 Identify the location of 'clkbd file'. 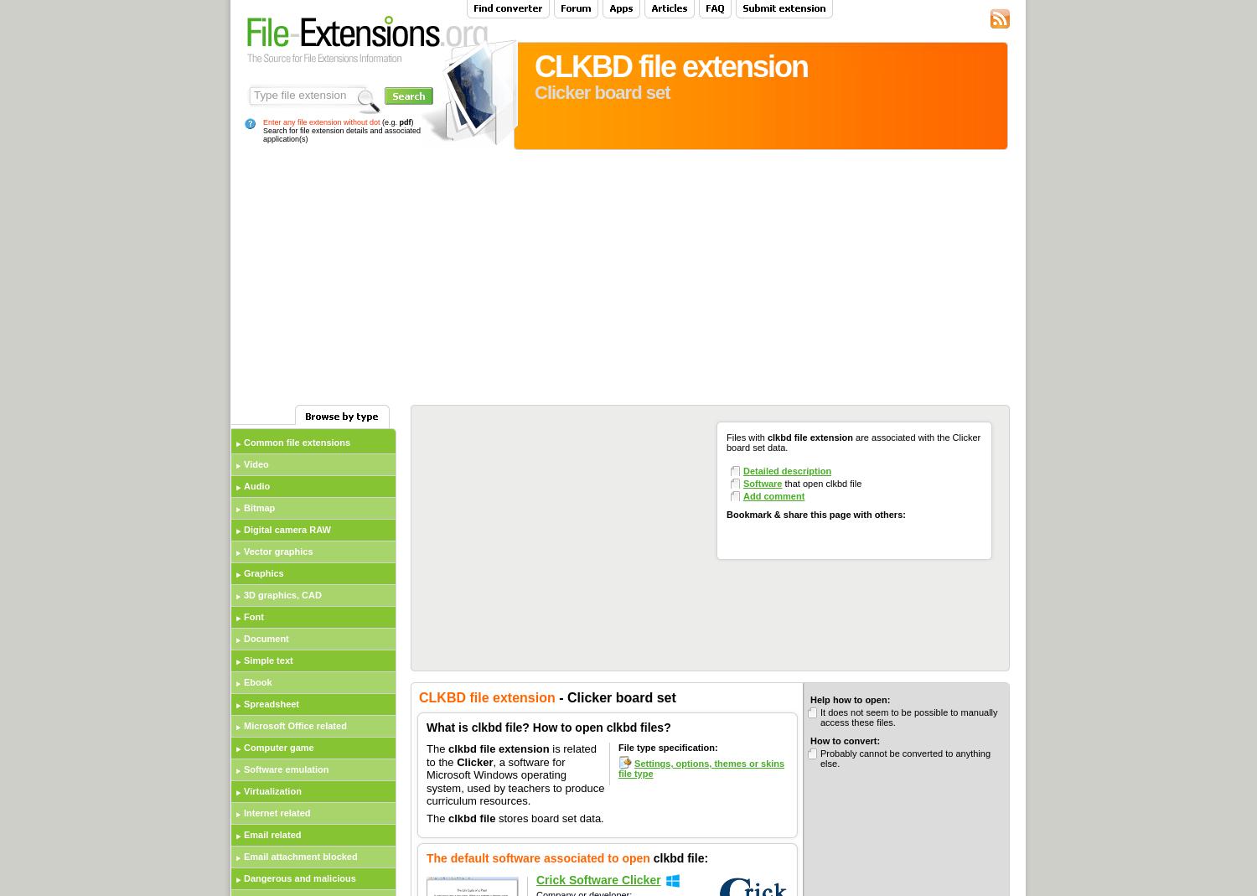
(448, 817).